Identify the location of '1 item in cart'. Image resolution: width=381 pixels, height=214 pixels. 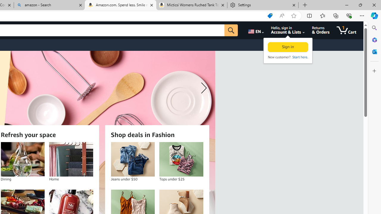
(346, 30).